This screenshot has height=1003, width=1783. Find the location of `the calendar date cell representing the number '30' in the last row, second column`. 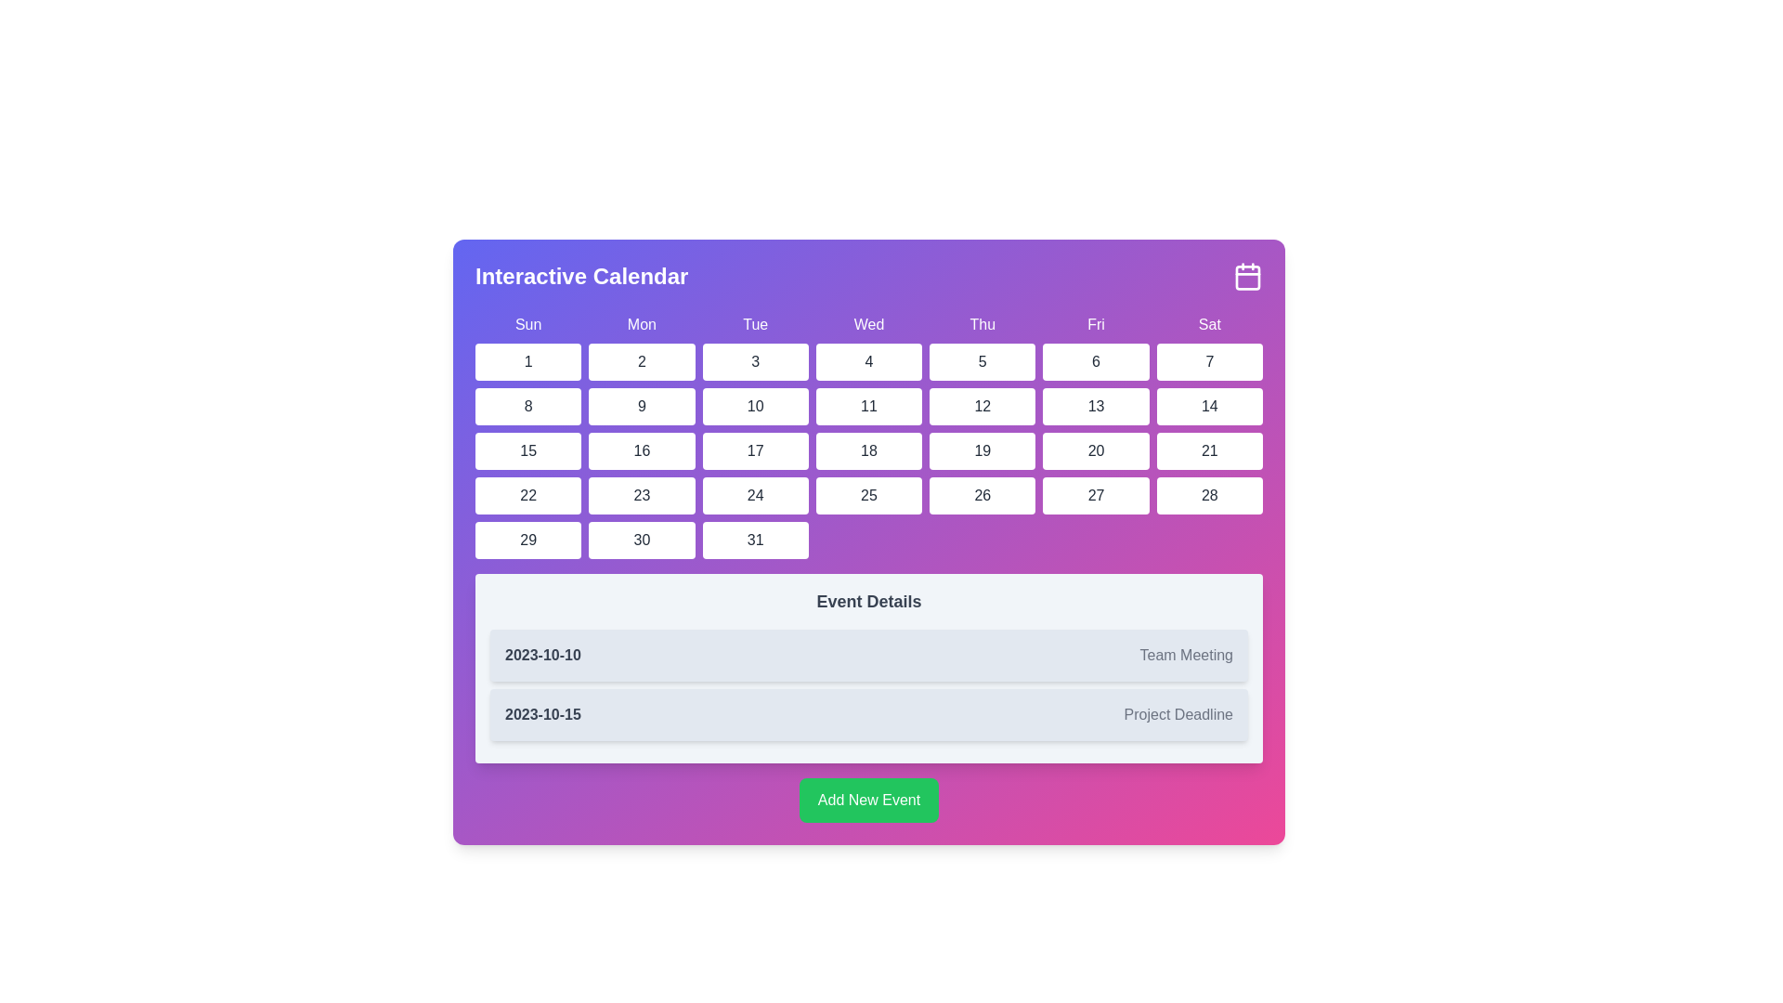

the calendar date cell representing the number '30' in the last row, second column is located at coordinates (642, 541).